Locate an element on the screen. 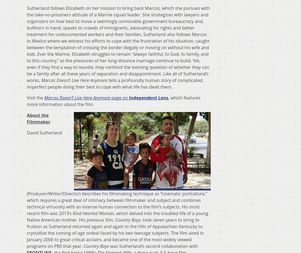 The height and width of the screenshot is (253, 301). 'David Sutherland (Producer/Writer/Director) describes his filmmaking technique as “cinematic portraiture,” which requires a great deal of intimacy between filmmaker and subject and combines technical virtuosity with an intense human connection to the film’s subjects. His most recent film was 2013’s' is located at coordinates (117, 172).